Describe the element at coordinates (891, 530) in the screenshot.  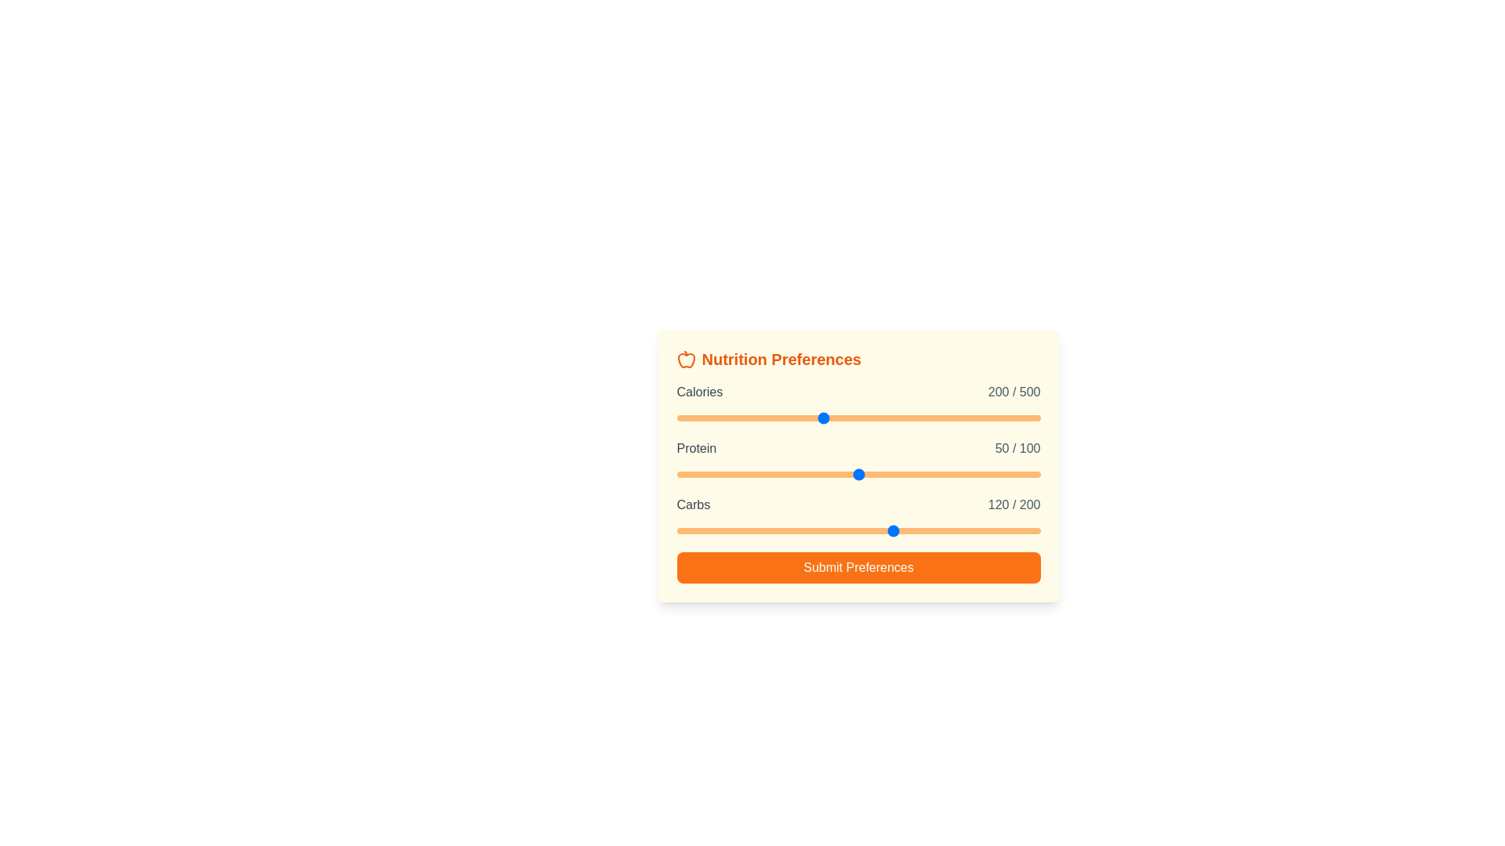
I see `the carbohydrate intake value` at that location.